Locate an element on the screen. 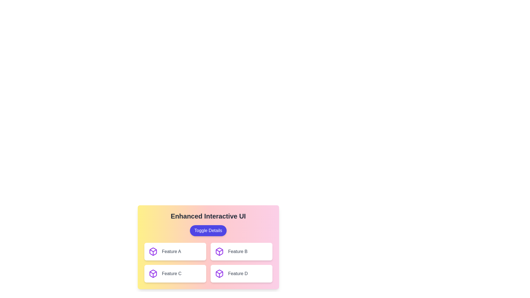 The height and width of the screenshot is (298, 530). the purple 3D cube icon adjacent to the label 'Feature A' in the top-left section of the grid layout is located at coordinates (153, 251).